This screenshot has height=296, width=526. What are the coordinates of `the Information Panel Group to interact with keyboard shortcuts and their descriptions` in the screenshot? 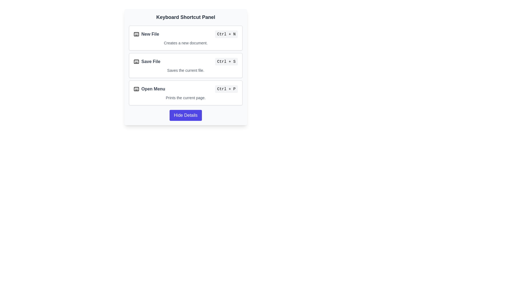 It's located at (185, 65).